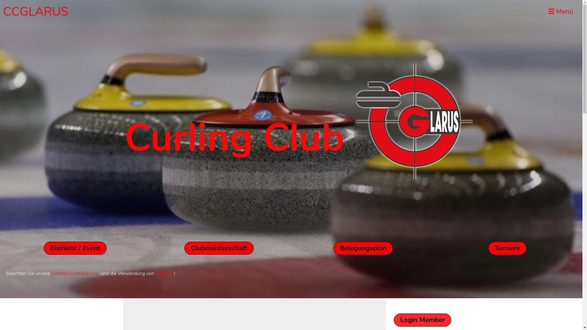 The width and height of the screenshot is (587, 330). What do you see at coordinates (507, 248) in the screenshot?
I see `'Turniere'` at bounding box center [507, 248].